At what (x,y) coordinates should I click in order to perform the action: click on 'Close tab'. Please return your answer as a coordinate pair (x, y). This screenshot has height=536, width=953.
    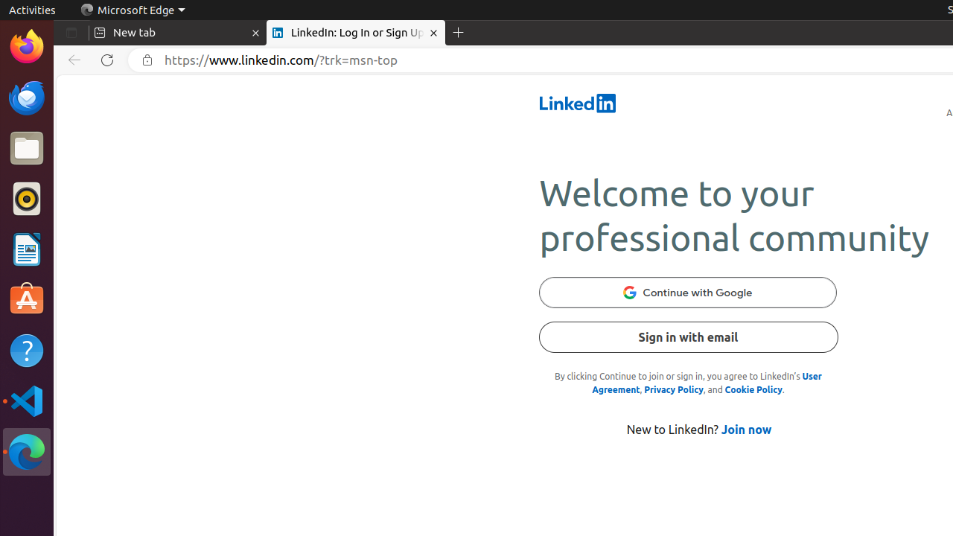
    Looking at the image, I should click on (255, 33).